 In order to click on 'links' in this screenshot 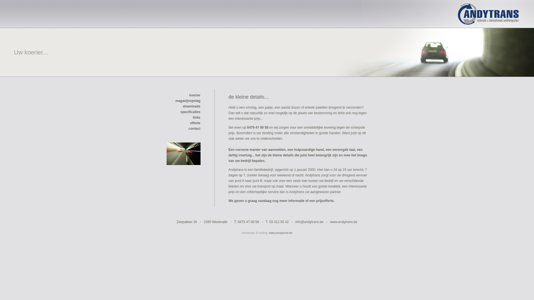, I will do `click(192, 117)`.